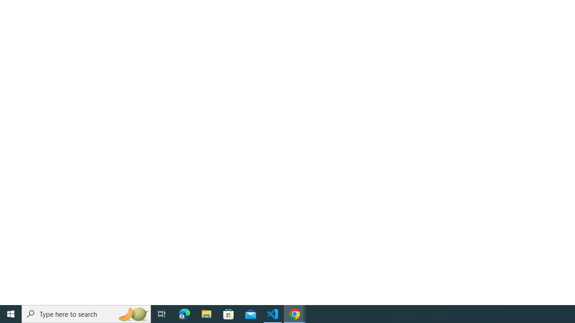  I want to click on 'File Explorer', so click(206, 313).